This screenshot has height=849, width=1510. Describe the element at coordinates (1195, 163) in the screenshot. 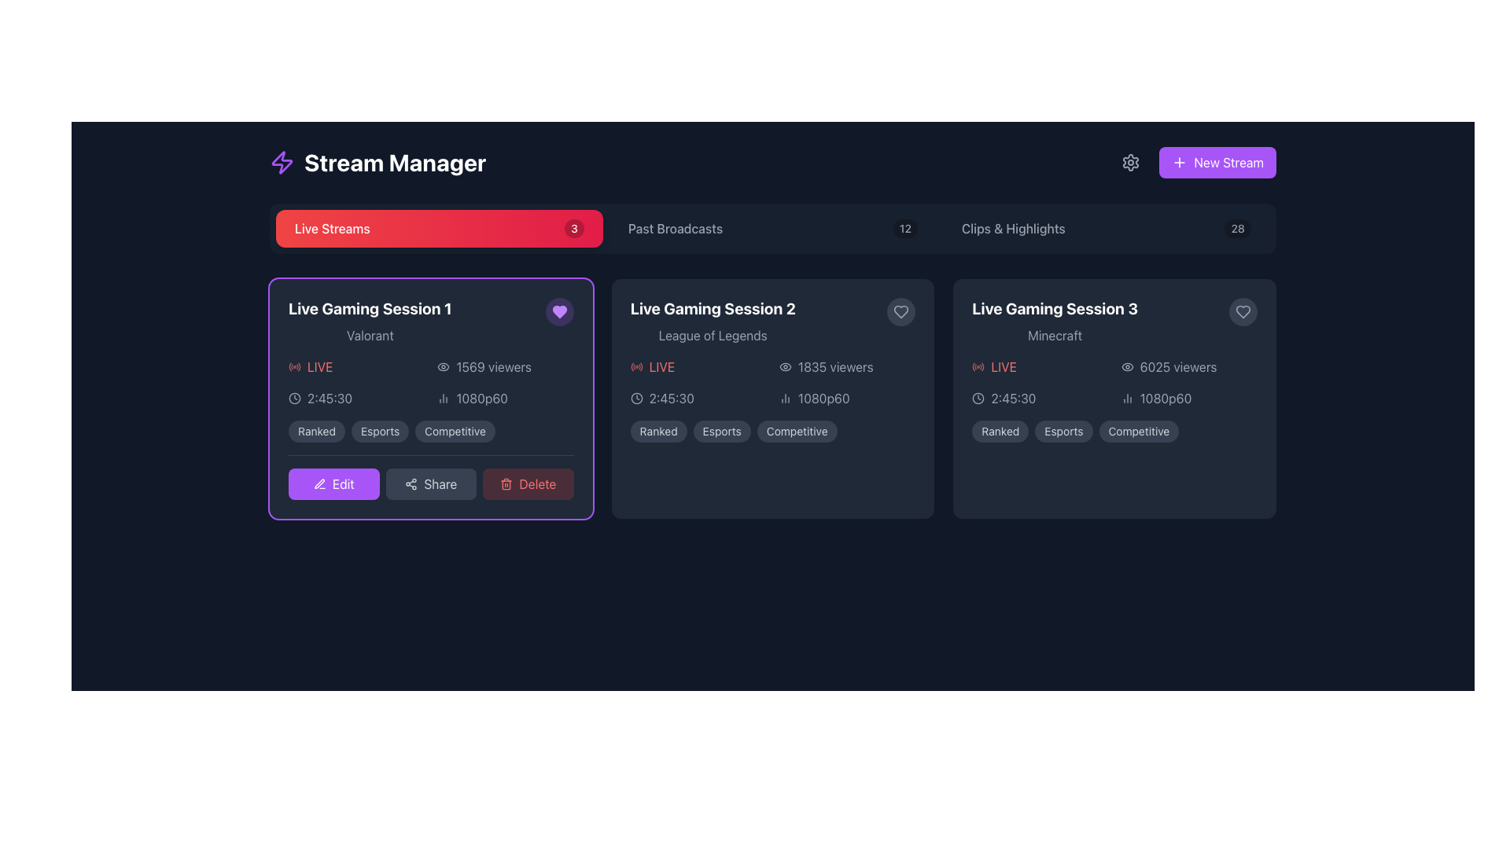

I see `the button located in the top right corner of the section containing 'Stream Manager' to initiate a new stream creation process` at that location.